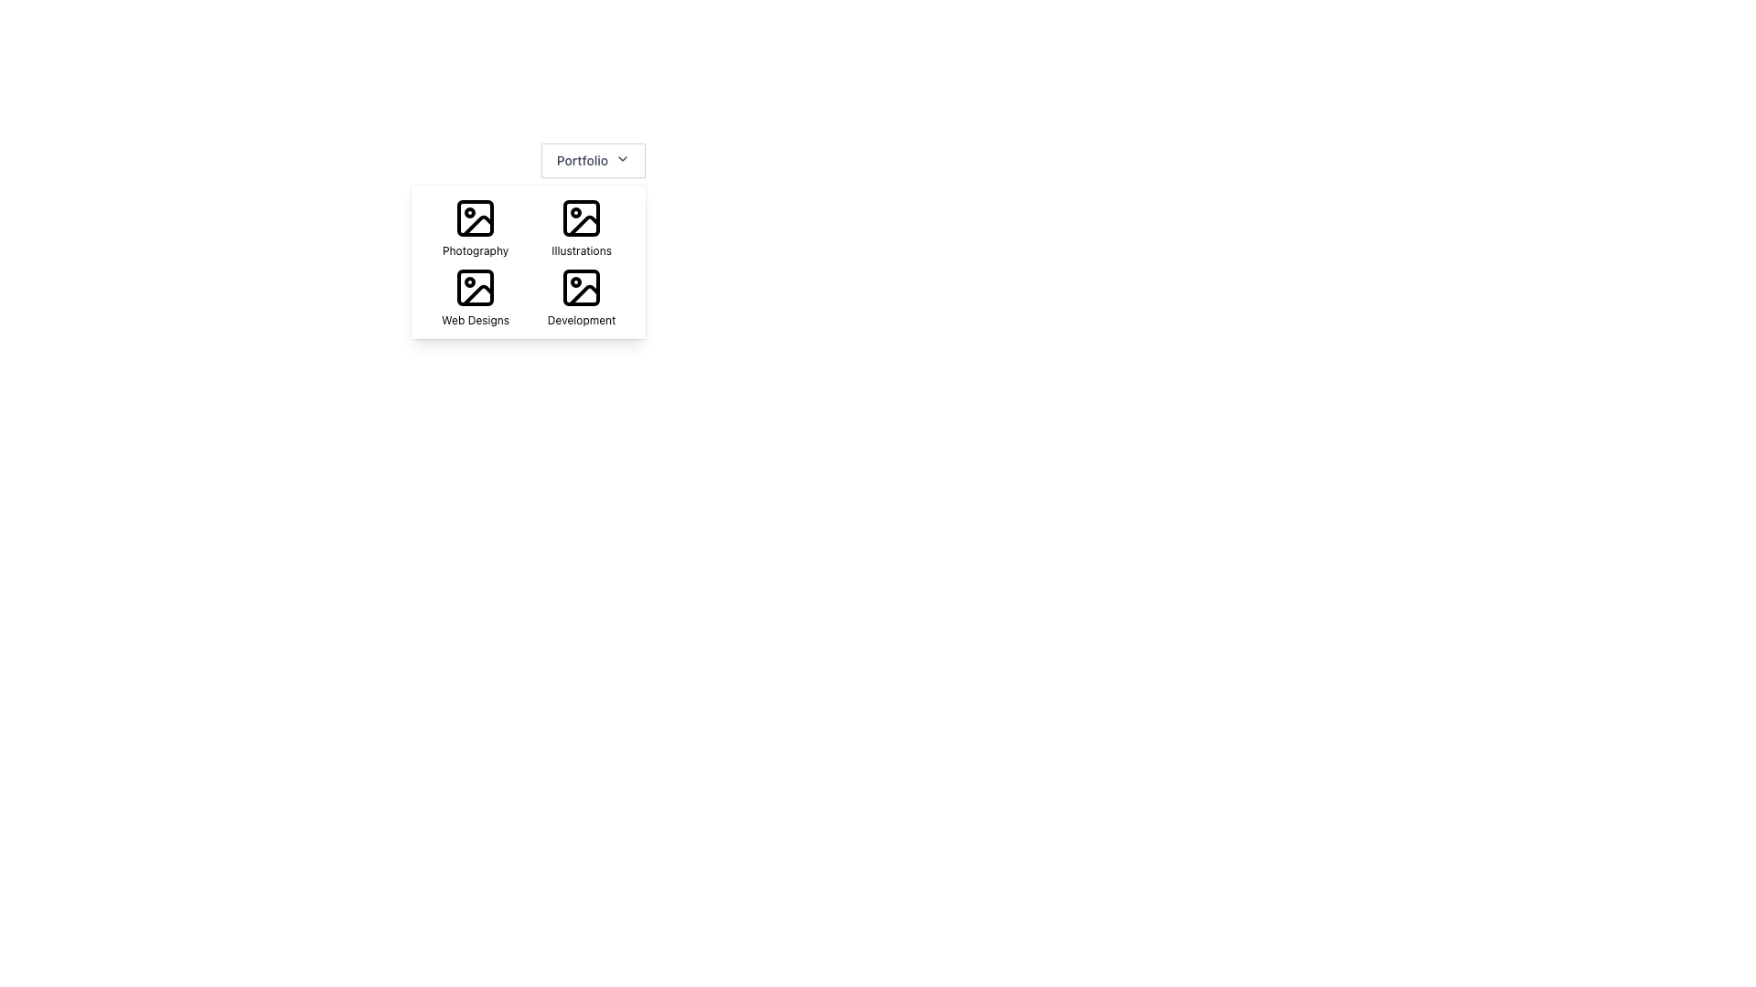  What do you see at coordinates (476, 320) in the screenshot?
I see `the text label reading 'Web Designs' located below the image placeholder icon in the bottom-left of a grid layout` at bounding box center [476, 320].